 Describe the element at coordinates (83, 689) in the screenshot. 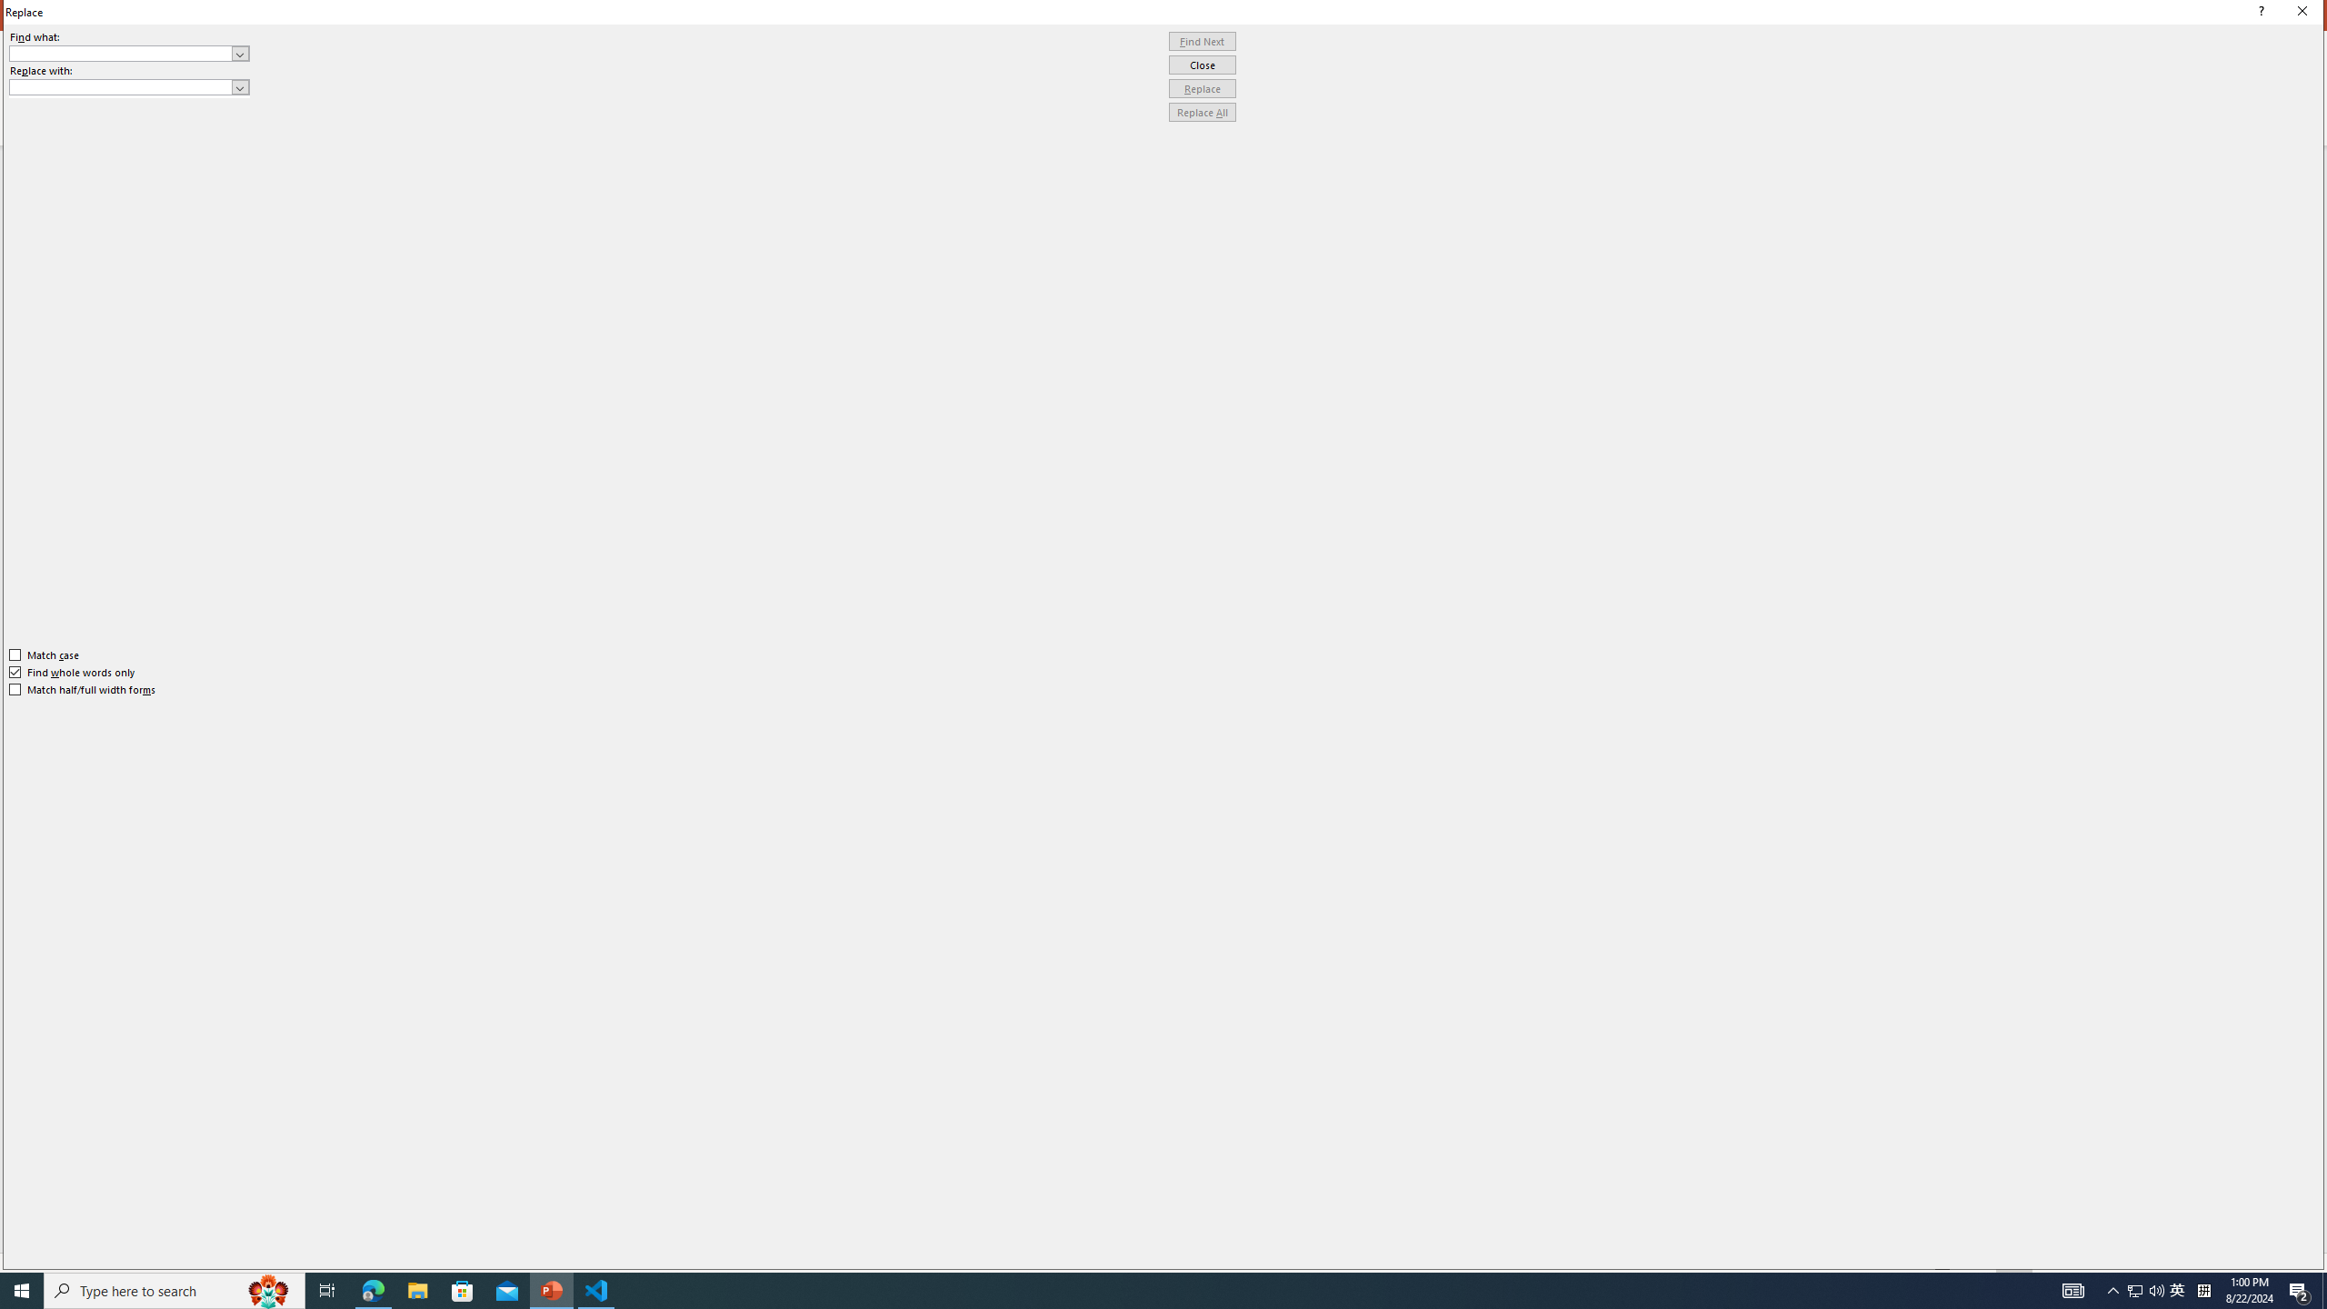

I see `'Match half/full width forms'` at that location.